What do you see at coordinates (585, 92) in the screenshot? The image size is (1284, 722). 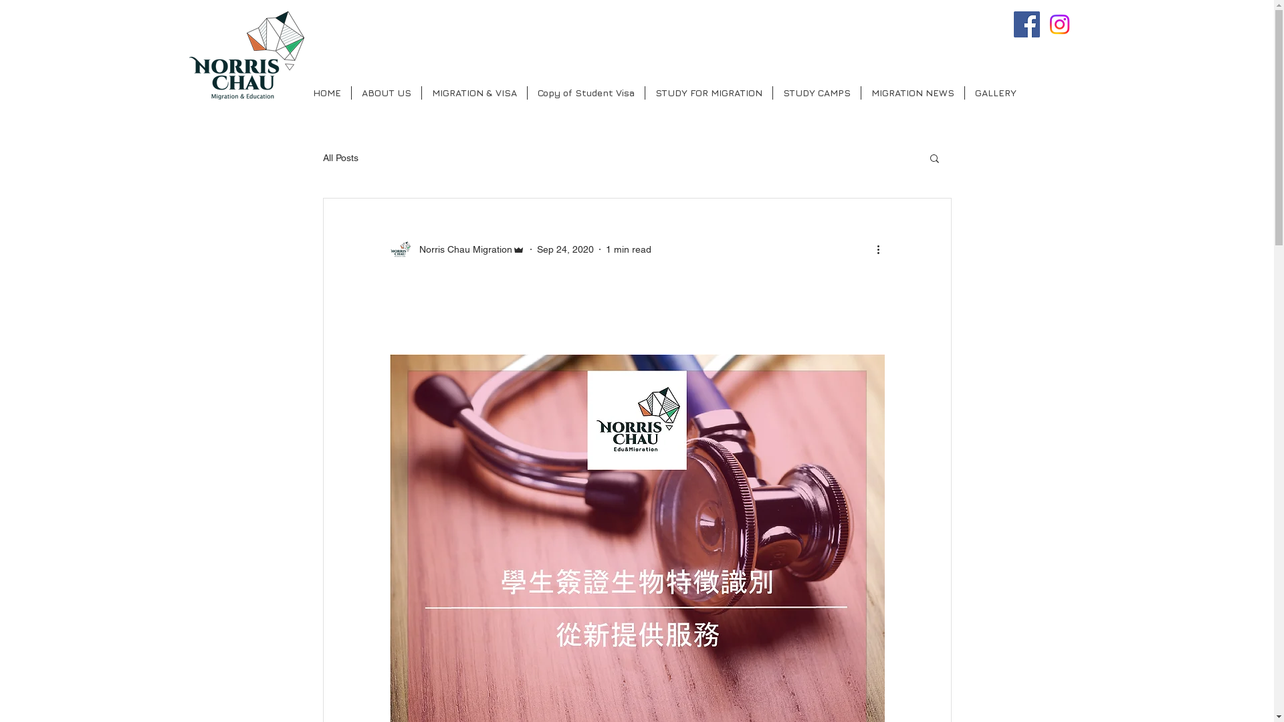 I see `'Copy of Student Visa'` at bounding box center [585, 92].